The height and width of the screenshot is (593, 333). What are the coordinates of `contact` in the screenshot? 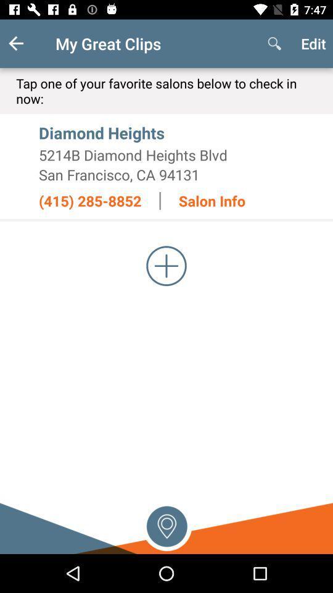 It's located at (166, 266).